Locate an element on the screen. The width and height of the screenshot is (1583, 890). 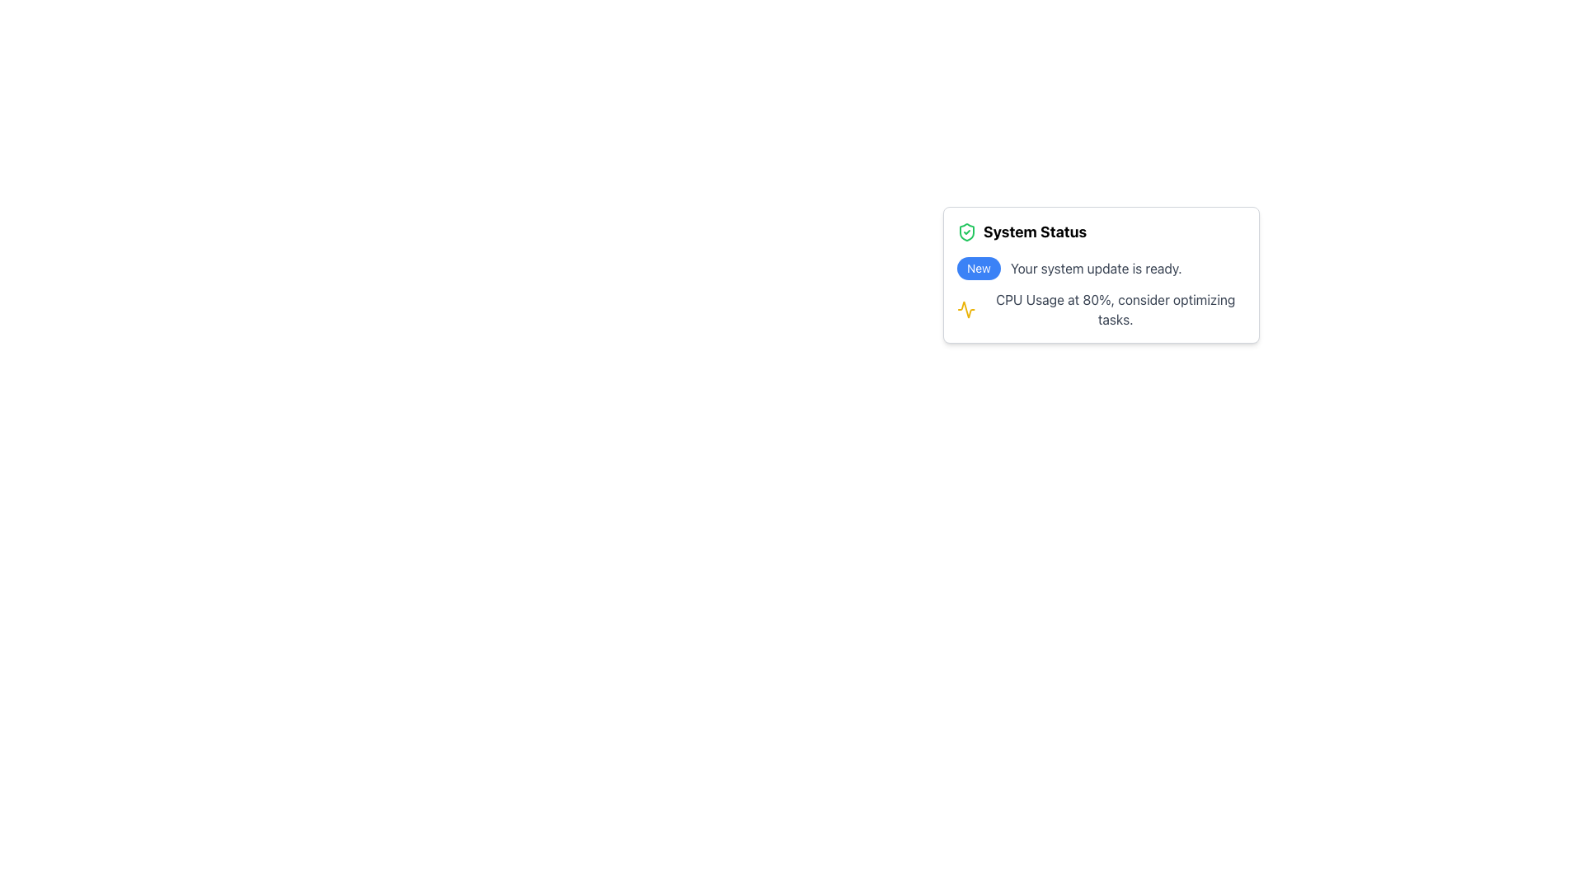
the Text and badge notification that includes a circular blue badge labeled 'New' and the message 'Your system update is ready.' in the system status notification area is located at coordinates (1101, 268).